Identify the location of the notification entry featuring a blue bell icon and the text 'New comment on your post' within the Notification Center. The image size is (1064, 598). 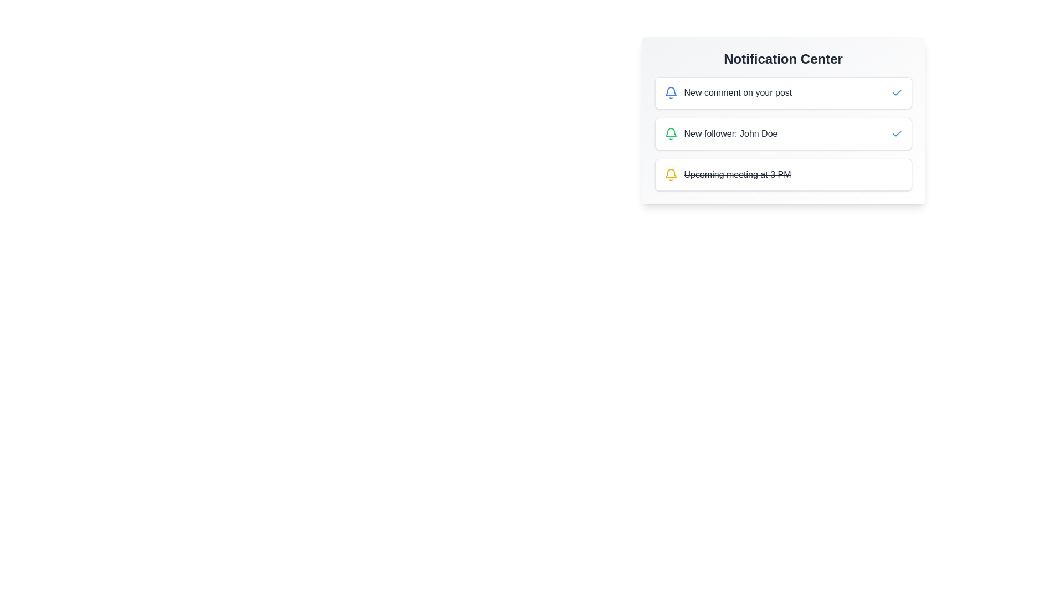
(728, 92).